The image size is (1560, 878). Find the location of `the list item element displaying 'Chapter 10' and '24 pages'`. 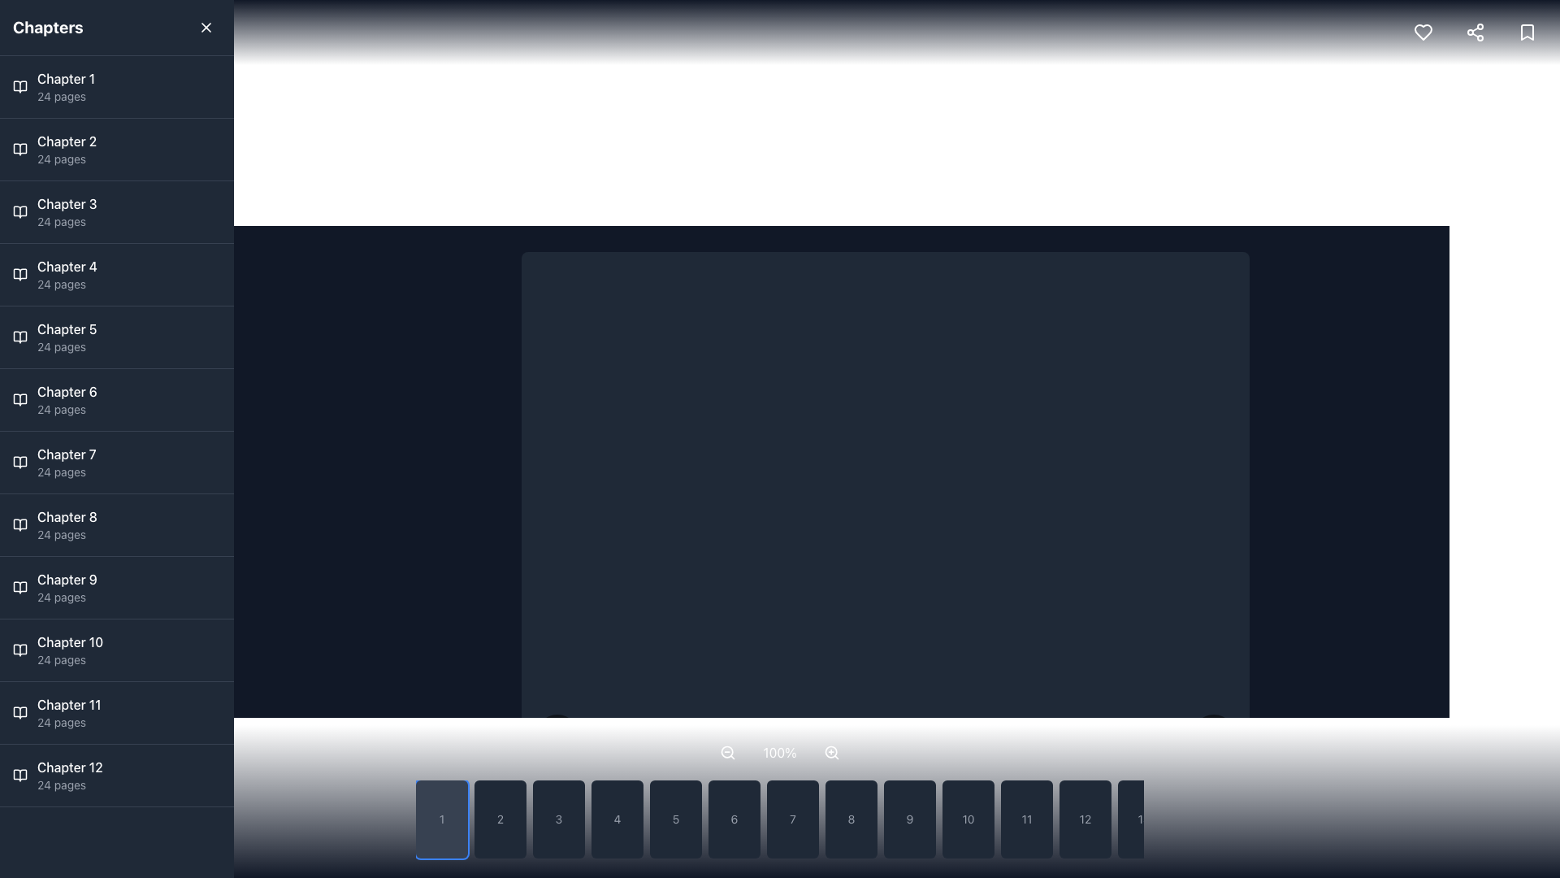

the list item element displaying 'Chapter 10' and '24 pages' is located at coordinates (69, 649).